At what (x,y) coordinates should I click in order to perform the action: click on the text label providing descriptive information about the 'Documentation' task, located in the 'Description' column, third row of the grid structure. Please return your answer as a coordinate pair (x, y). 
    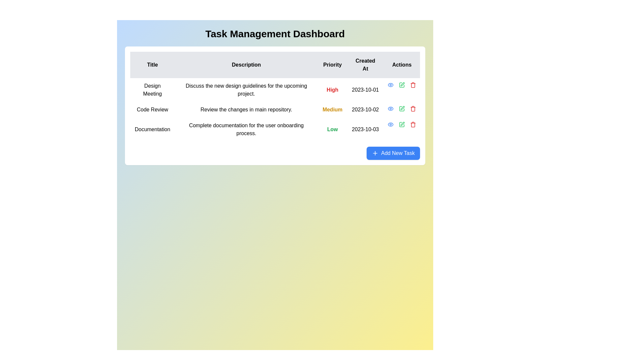
    Looking at the image, I should click on (246, 130).